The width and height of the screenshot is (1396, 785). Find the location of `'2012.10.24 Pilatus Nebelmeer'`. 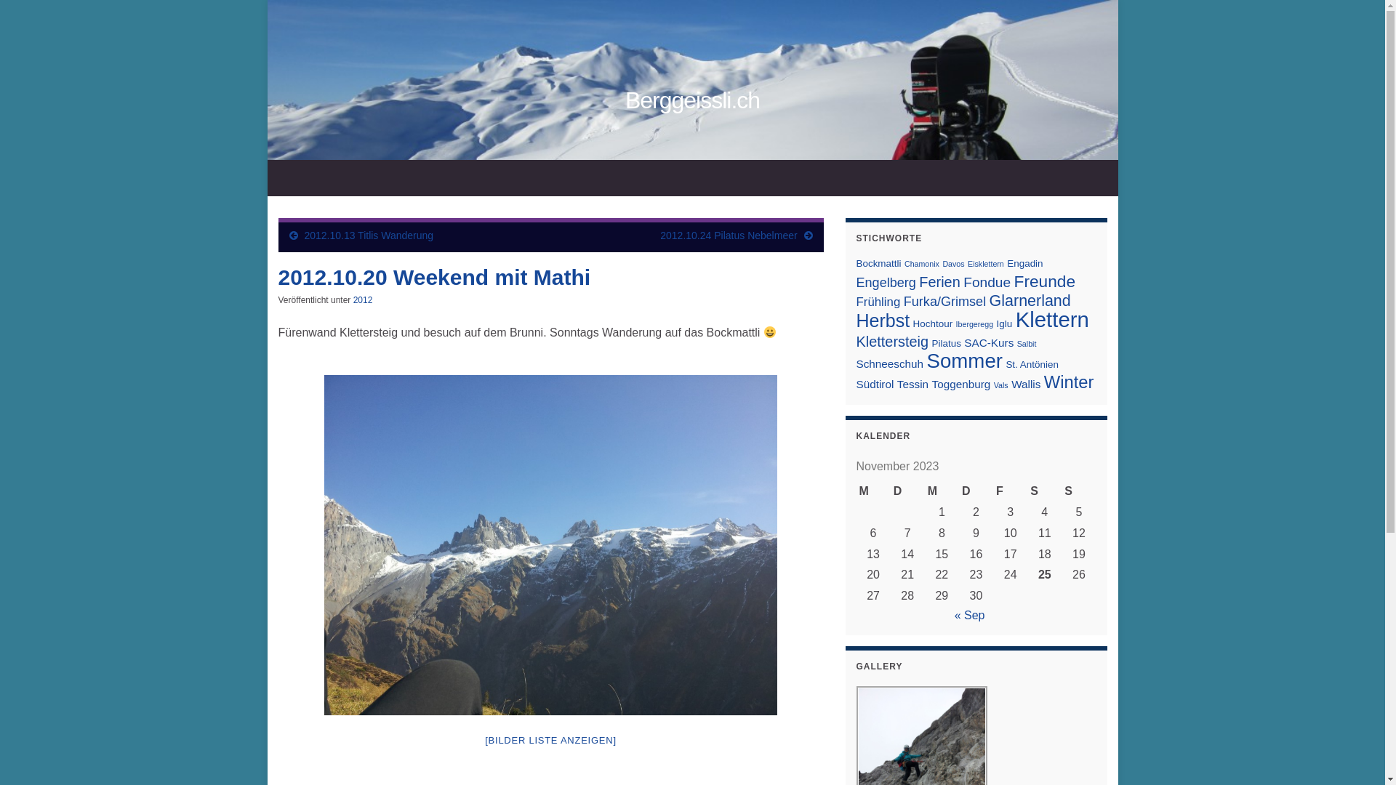

'2012.10.24 Pilatus Nebelmeer' is located at coordinates (659, 235).